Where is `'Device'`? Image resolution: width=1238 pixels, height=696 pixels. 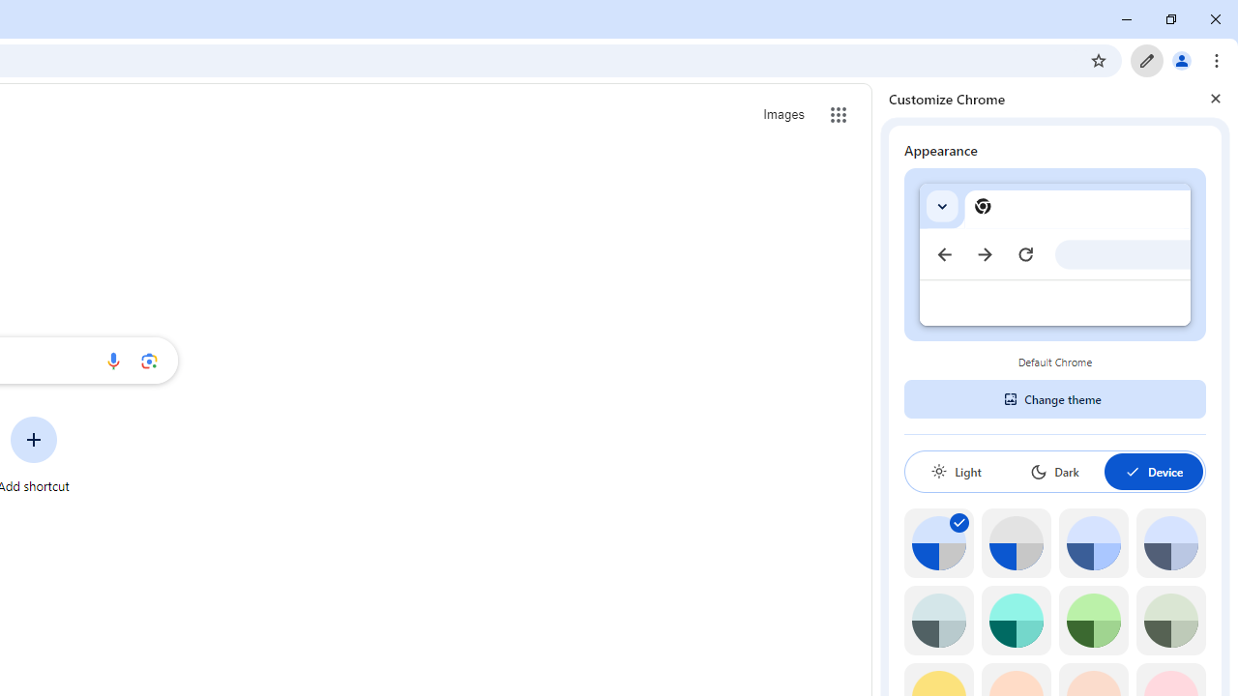 'Device' is located at coordinates (1153, 471).